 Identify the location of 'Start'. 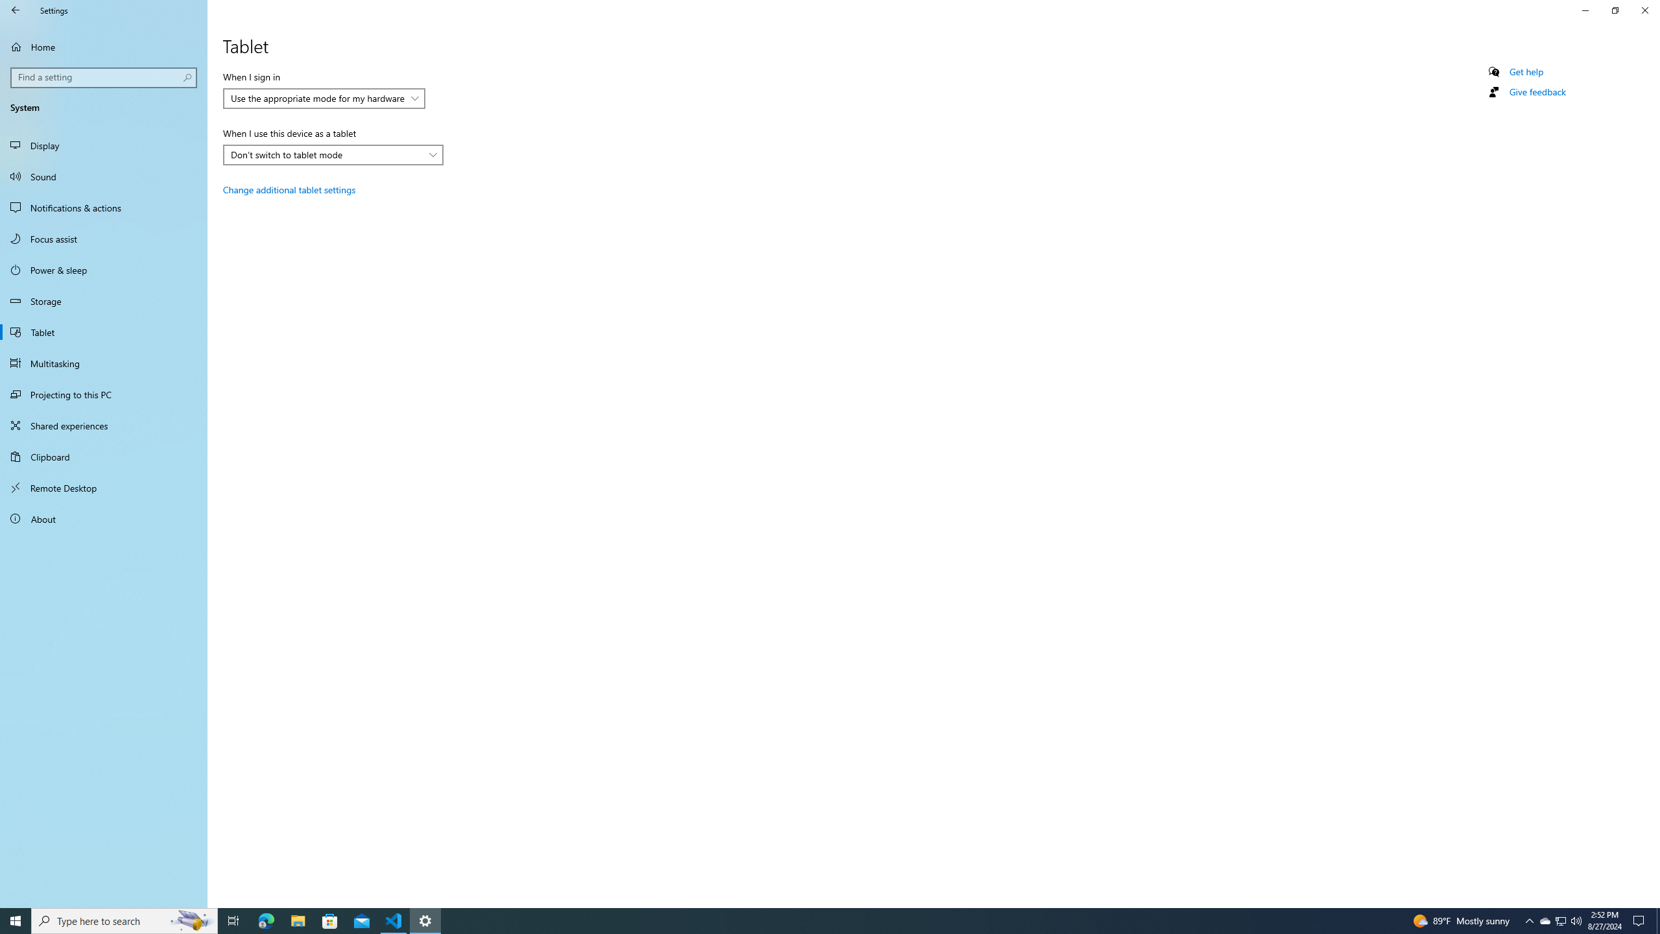
(16, 920).